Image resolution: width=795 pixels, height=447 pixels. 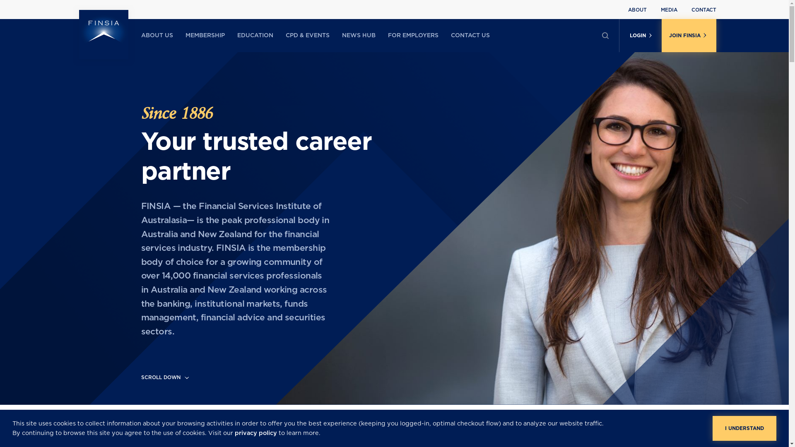 What do you see at coordinates (413, 35) in the screenshot?
I see `'FOR EMPLOYERS'` at bounding box center [413, 35].